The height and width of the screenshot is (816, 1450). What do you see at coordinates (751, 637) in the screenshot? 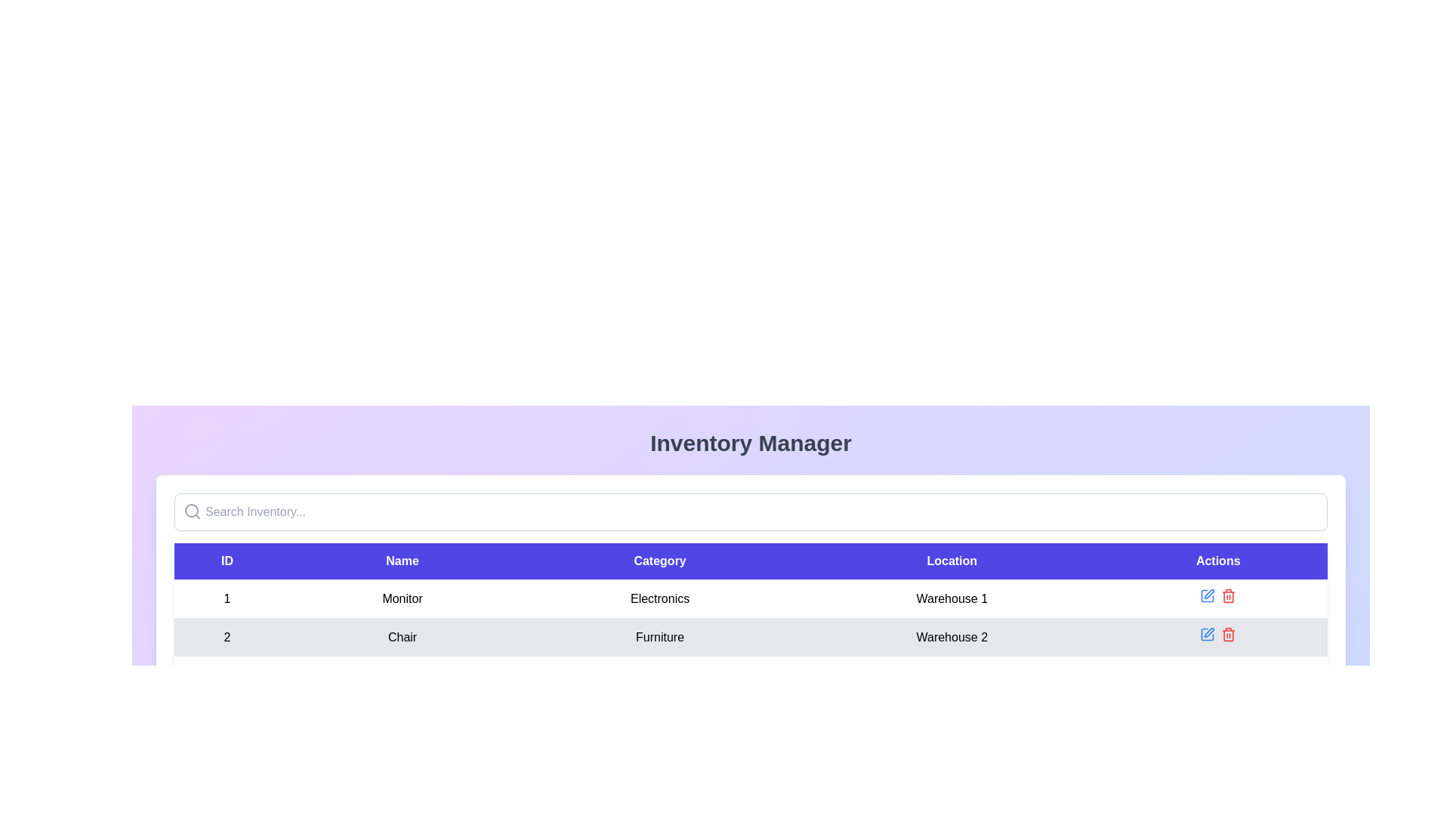
I see `displayed information in the second row of the inventory item table, which contains details about an item` at bounding box center [751, 637].